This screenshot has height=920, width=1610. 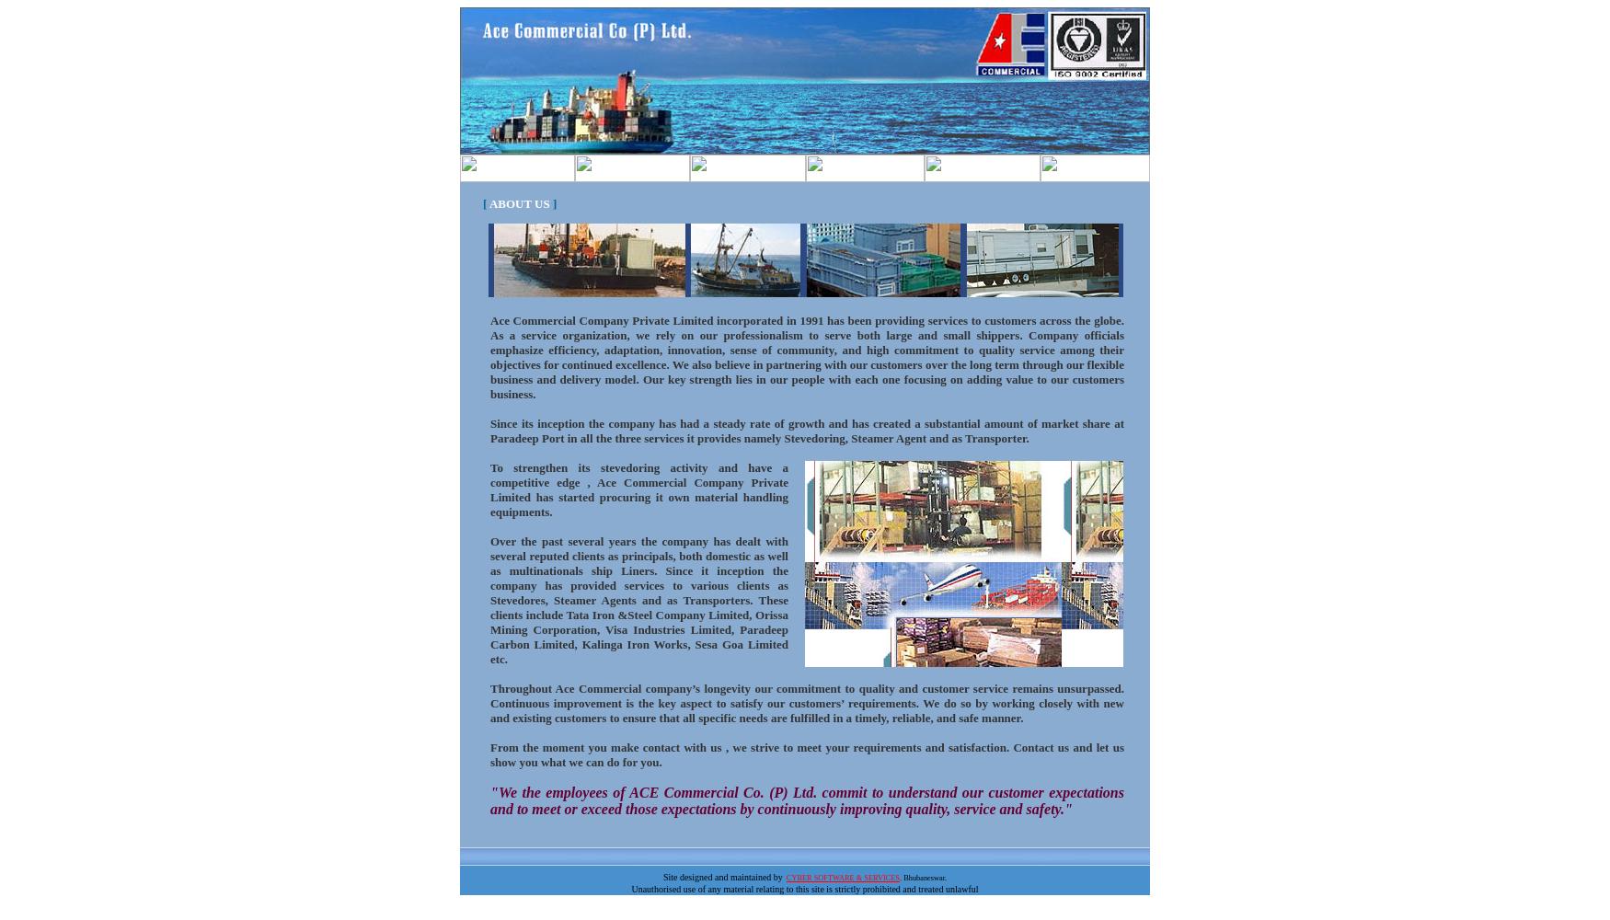 I want to click on 'Throughout Ace Commercial company’s longevity our commitment 
              to quality and customer service remains unsurpassed. Continuous 
              improvement is the key aspect to satisfy our customers’ requirements. 
              We do so by working closely with new and existing customers to ensure 
              that all specific needs are fulfilled in a timely, reliable, and 
              safe manner.', so click(x=489, y=703).